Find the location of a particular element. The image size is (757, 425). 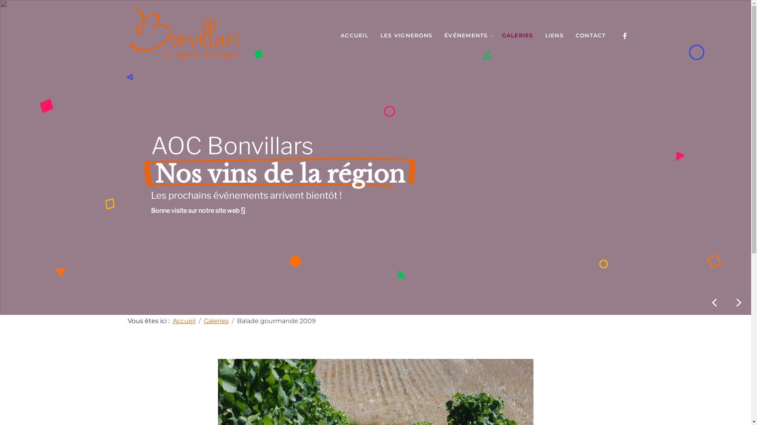

'GALERIES' is located at coordinates (517, 35).